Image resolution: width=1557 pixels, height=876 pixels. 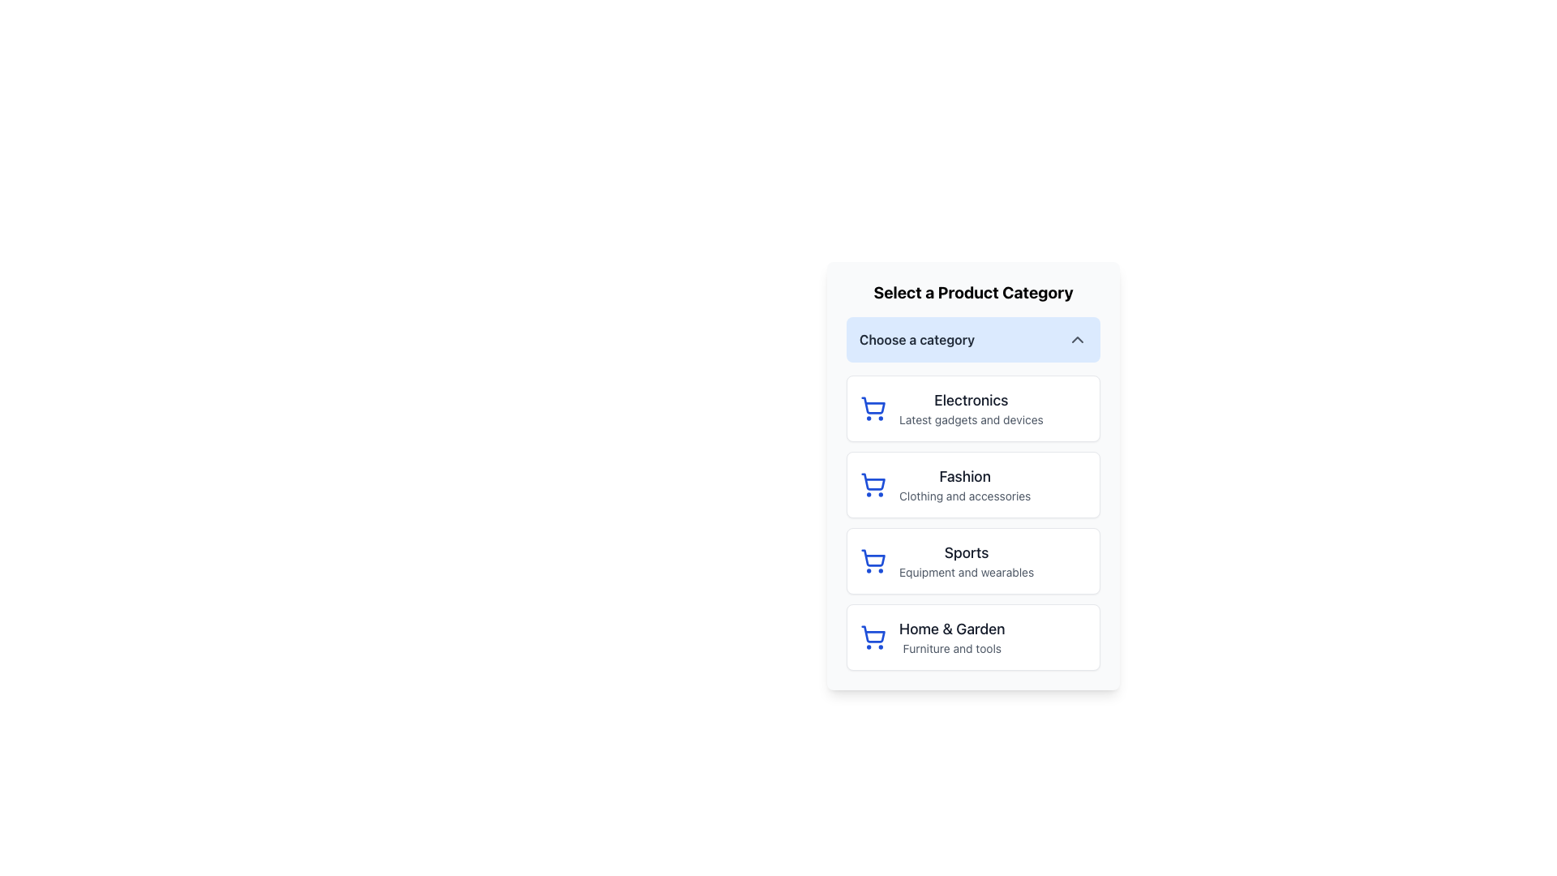 I want to click on the Dropdown Toggle Button labeled 'Choose a category' with a light blue background and an upward-pointing chevron icon, located below the title 'Select a Product Category', so click(x=973, y=339).